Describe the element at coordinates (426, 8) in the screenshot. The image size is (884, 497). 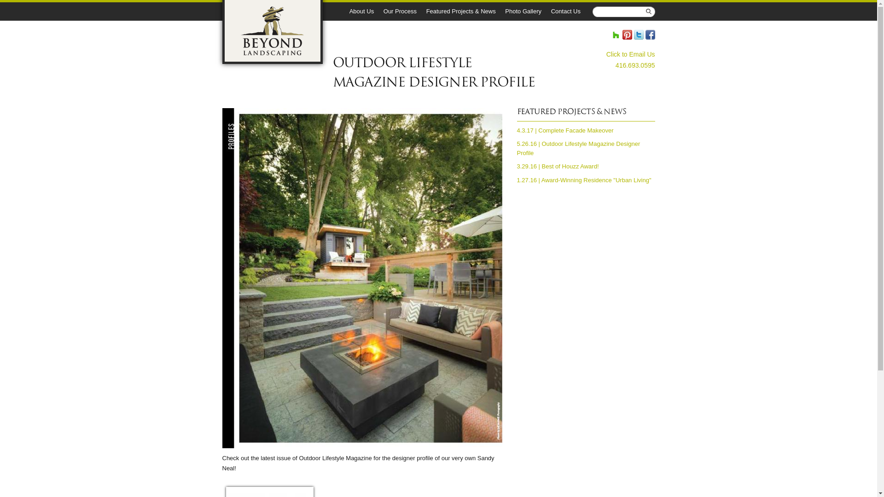
I see `'Featured Projects & News'` at that location.